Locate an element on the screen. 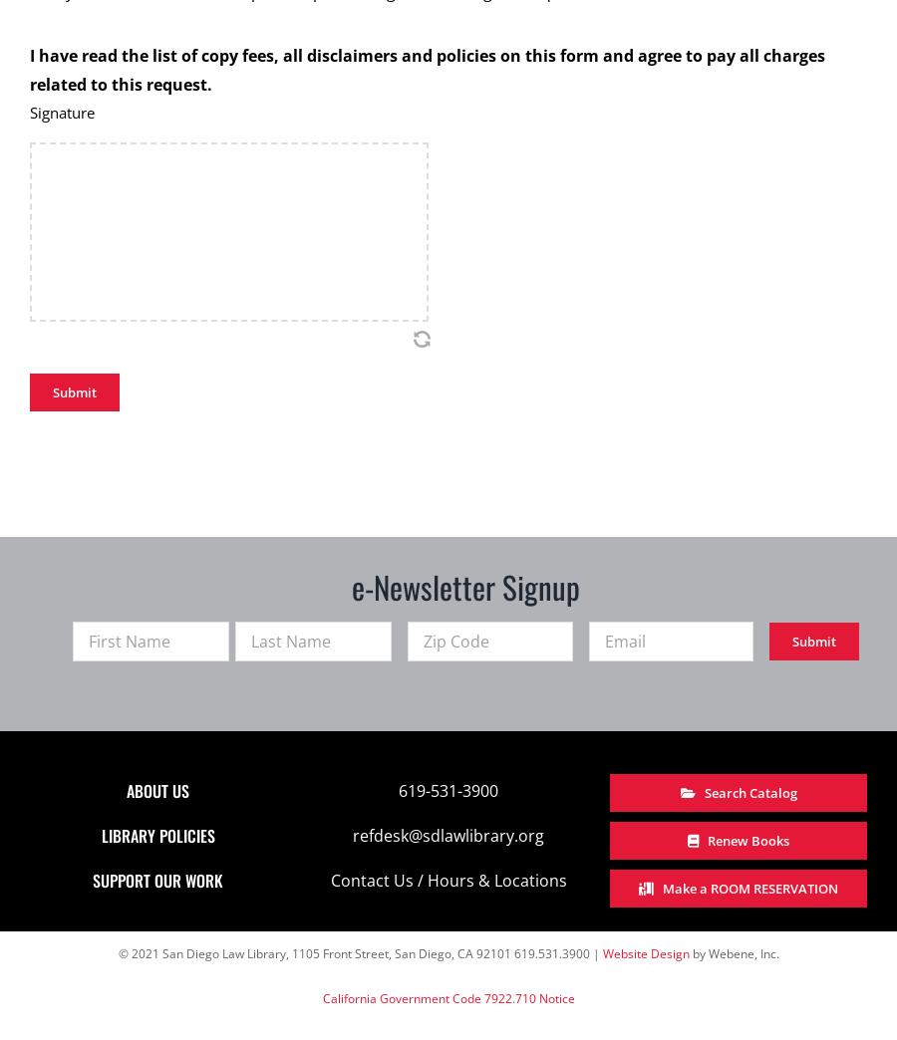 Image resolution: width=897 pixels, height=1040 pixels. 'LIBRARY POLICIES' is located at coordinates (157, 834).